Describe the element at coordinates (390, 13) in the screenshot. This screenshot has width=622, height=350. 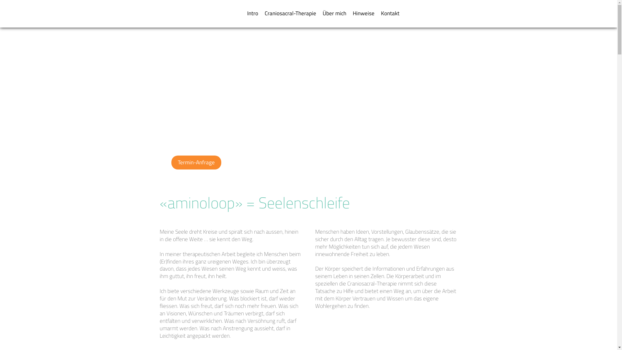
I see `'Kontakt'` at that location.